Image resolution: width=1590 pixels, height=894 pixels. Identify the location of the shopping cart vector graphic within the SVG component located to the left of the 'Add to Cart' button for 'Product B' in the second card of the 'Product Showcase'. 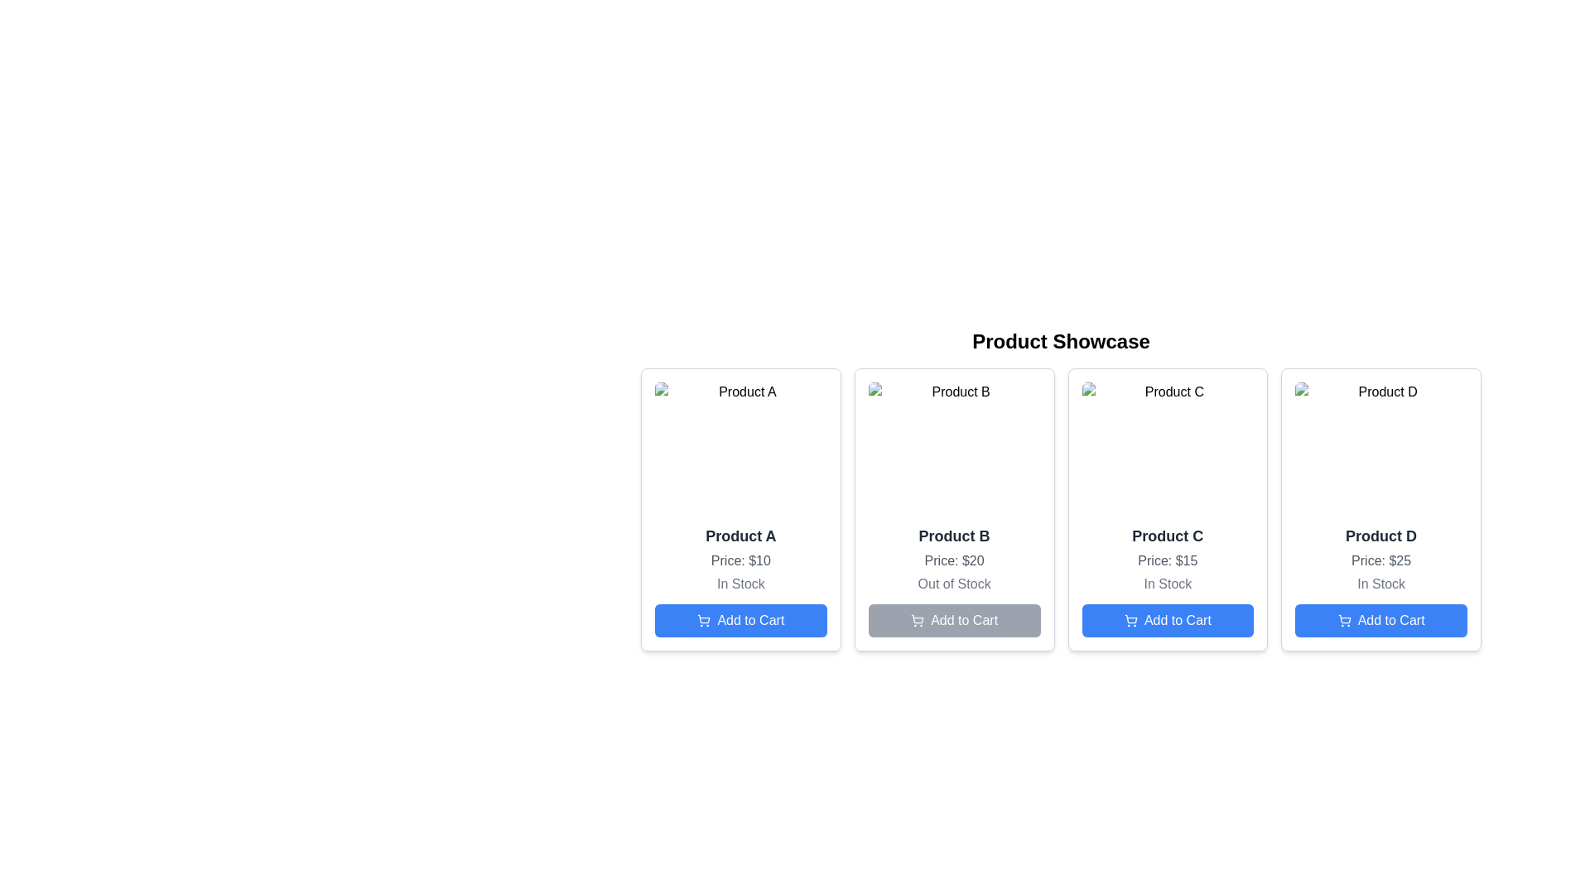
(917, 619).